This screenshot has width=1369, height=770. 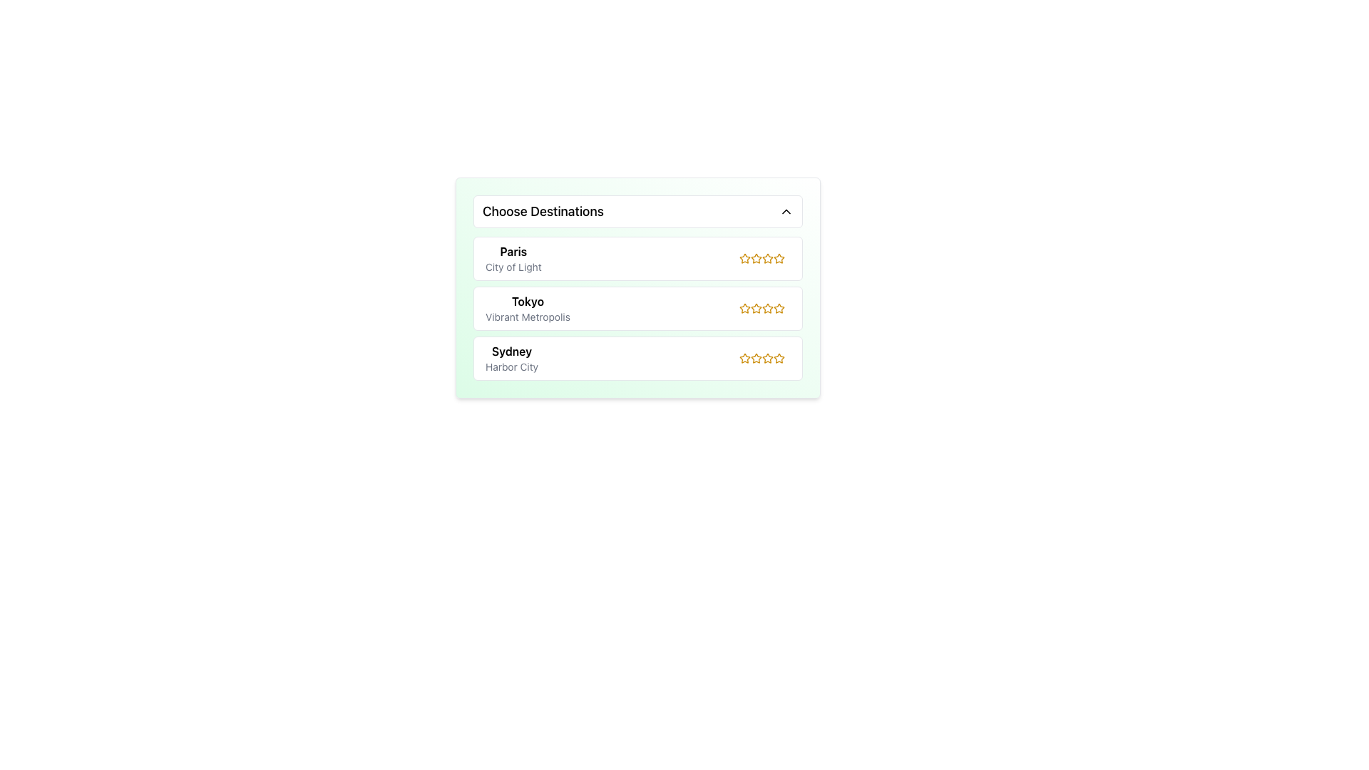 I want to click on the upward chevron icon located to the far right of the 'Choose Destinations' label, so click(x=786, y=212).